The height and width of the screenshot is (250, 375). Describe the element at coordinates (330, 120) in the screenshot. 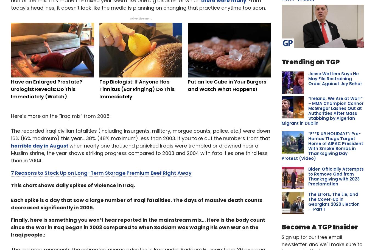

I see `''Horses Can Feel Her': Meet the 2-Year-Old 'Horse Whisperer''` at that location.